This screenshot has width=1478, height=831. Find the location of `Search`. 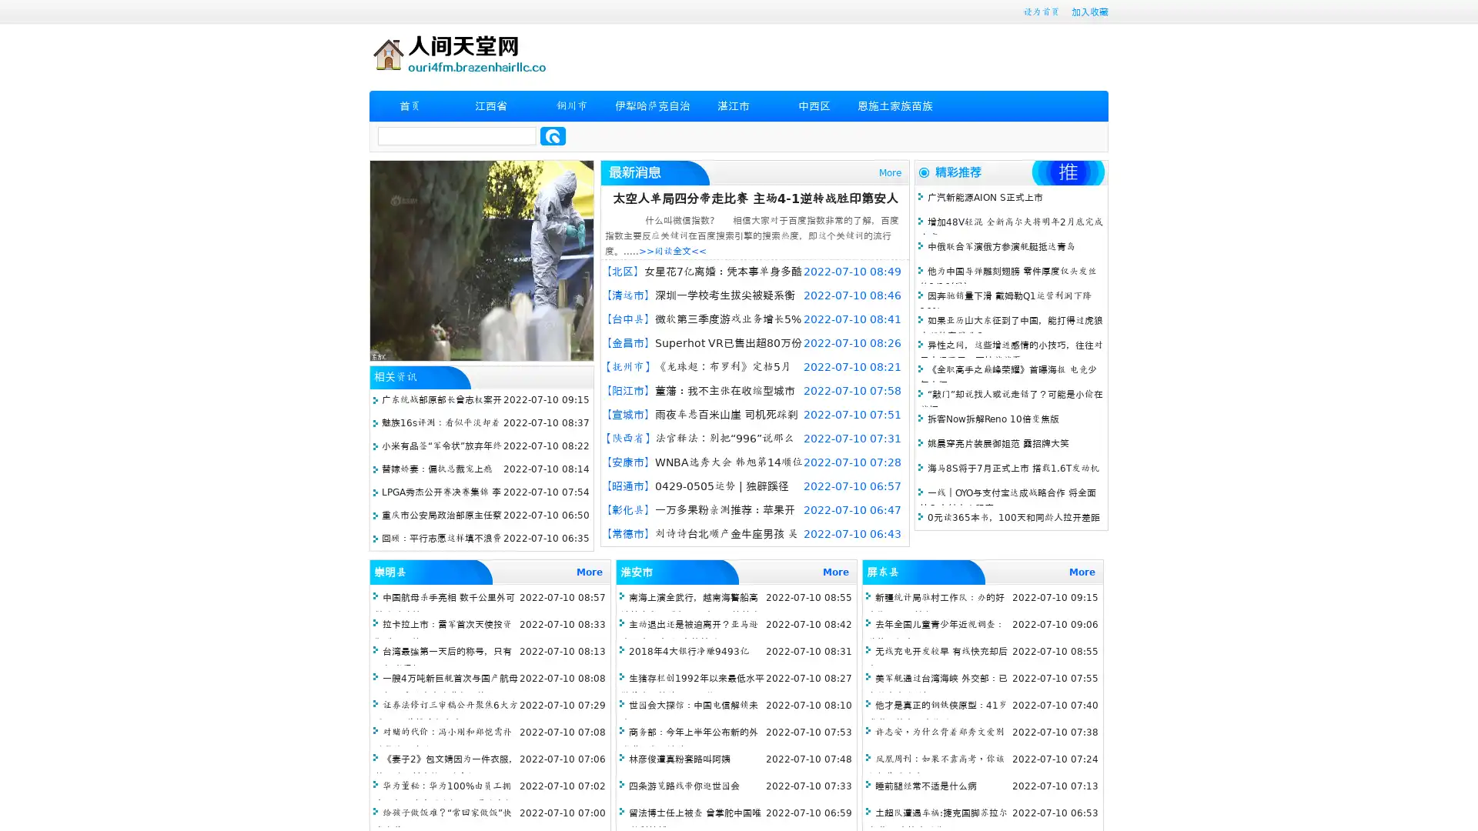

Search is located at coordinates (553, 135).